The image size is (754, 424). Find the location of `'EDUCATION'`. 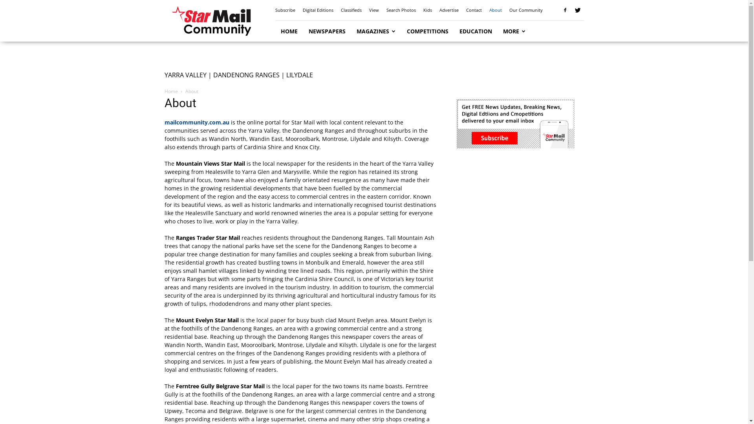

'EDUCATION' is located at coordinates (475, 31).